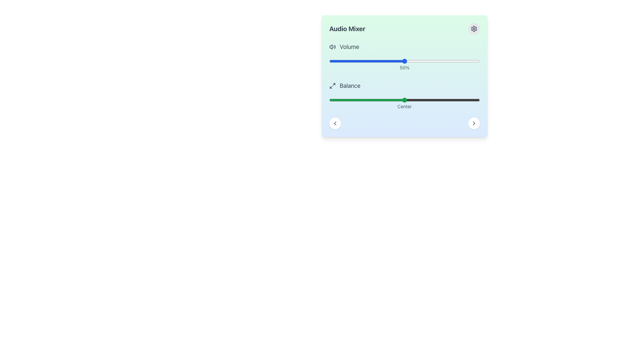 The width and height of the screenshot is (623, 350). What do you see at coordinates (407, 61) in the screenshot?
I see `the volume` at bounding box center [407, 61].